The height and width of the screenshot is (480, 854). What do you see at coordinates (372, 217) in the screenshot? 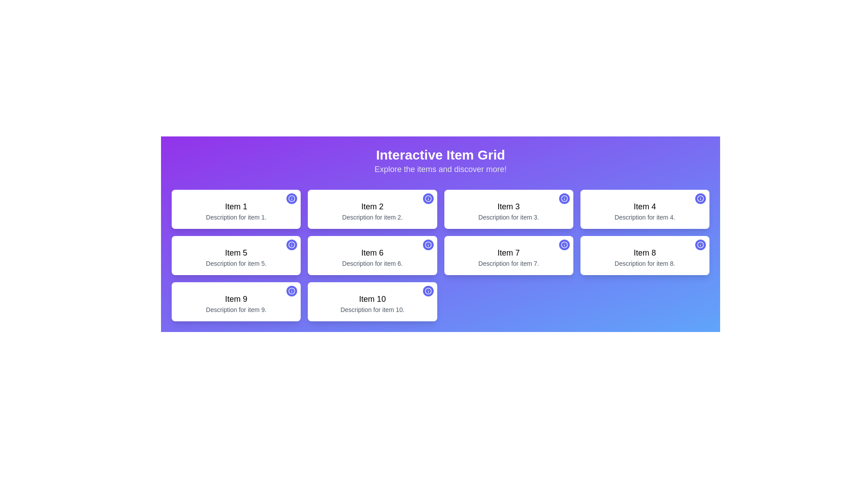
I see `the text label displaying 'Description for item 2.' which is located directly beneath the 'Item 2' label in the grid layout` at bounding box center [372, 217].